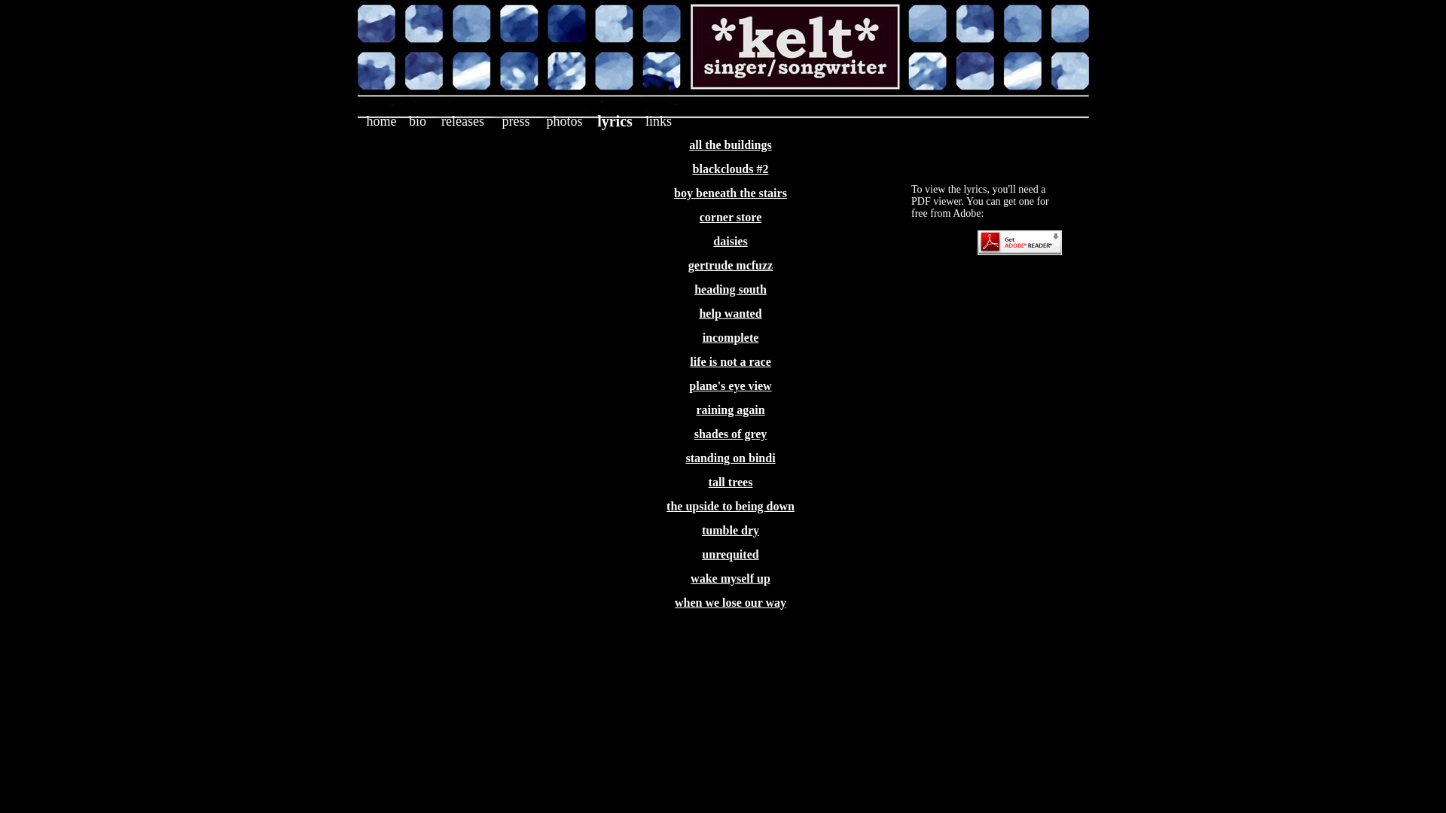 Image resolution: width=1446 pixels, height=813 pixels. I want to click on 'shades of grey', so click(693, 434).